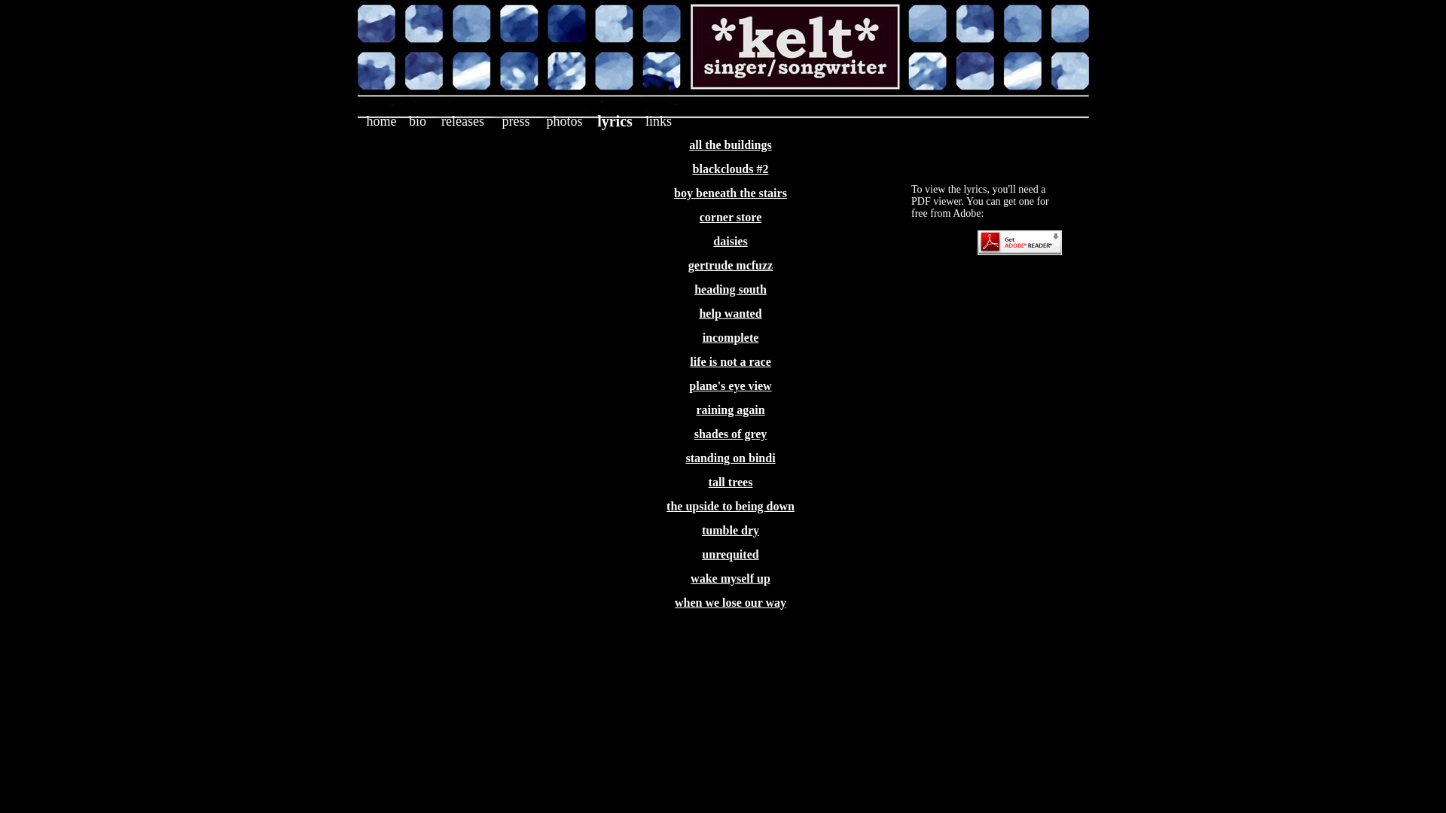 Image resolution: width=1446 pixels, height=813 pixels. I want to click on 'shades of grey', so click(693, 434).